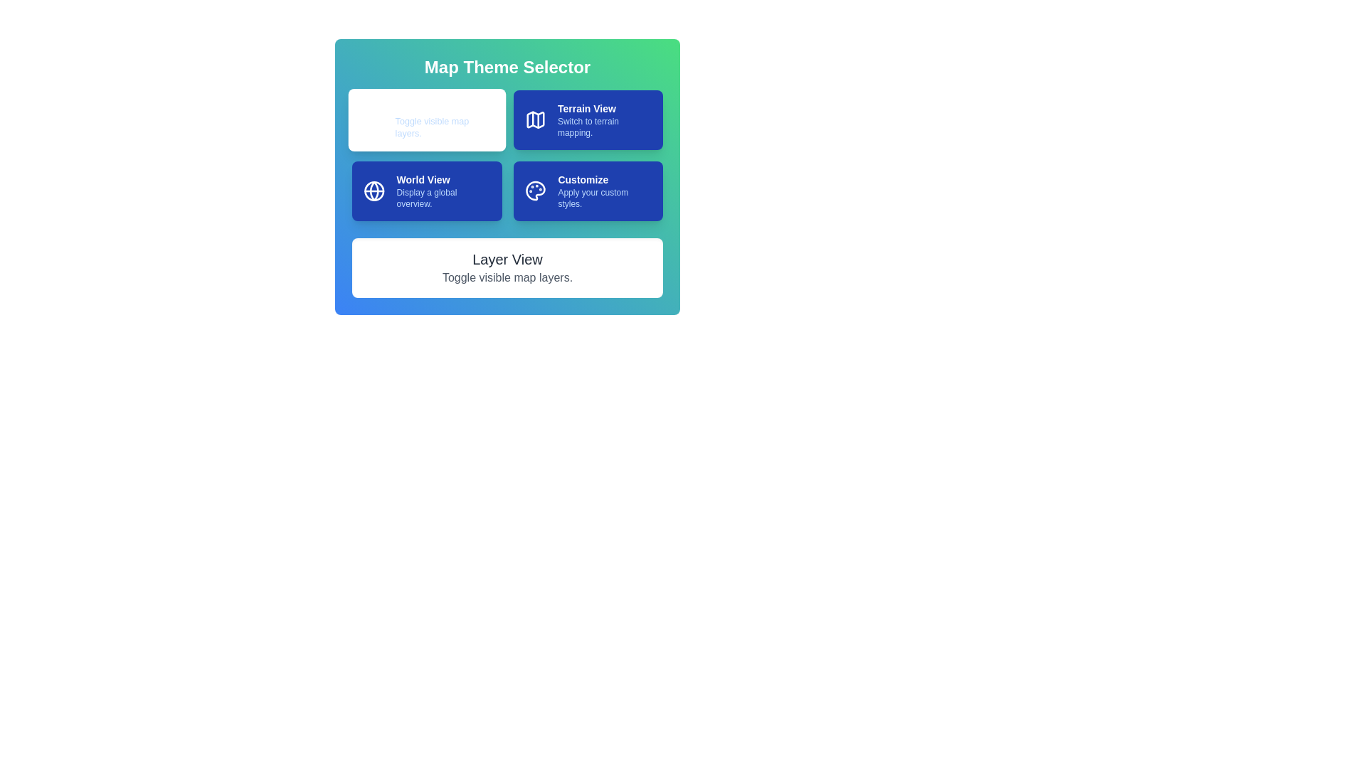  What do you see at coordinates (534, 119) in the screenshot?
I see `the map icon representing terrain view, which is located within the blue card titled 'Terrain View' in the top-right quadrant of the 'Map Theme Selector' panel` at bounding box center [534, 119].